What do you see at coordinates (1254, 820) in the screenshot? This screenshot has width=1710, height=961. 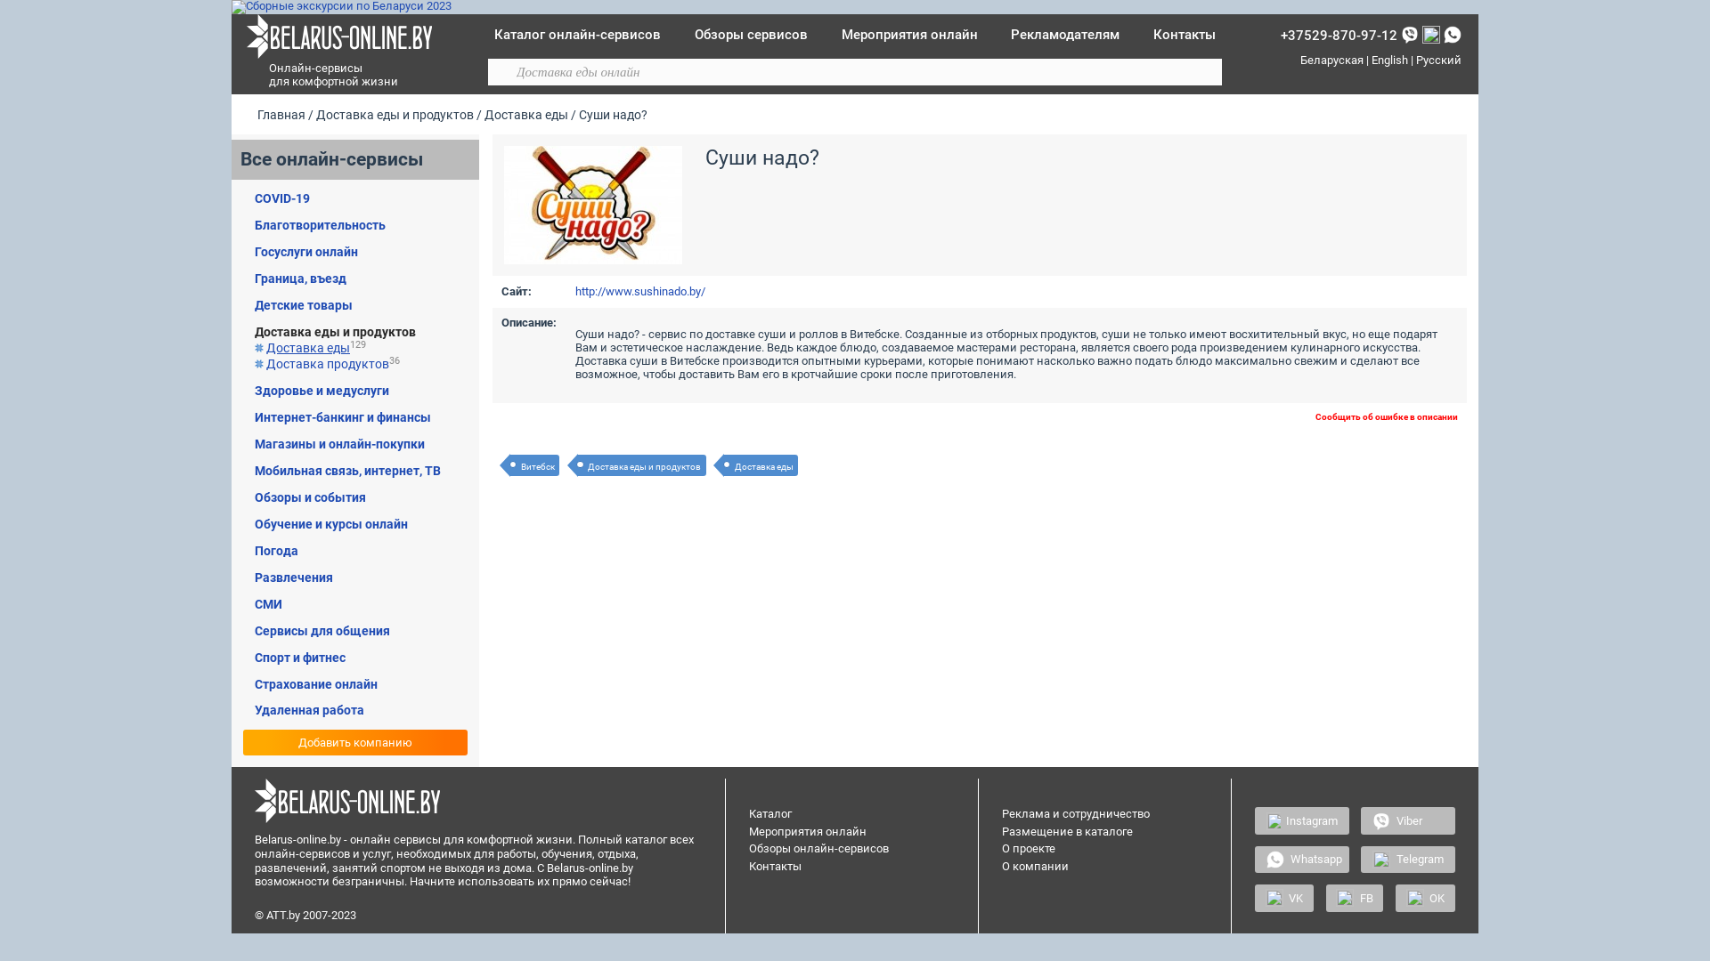 I see `'Instagram'` at bounding box center [1254, 820].